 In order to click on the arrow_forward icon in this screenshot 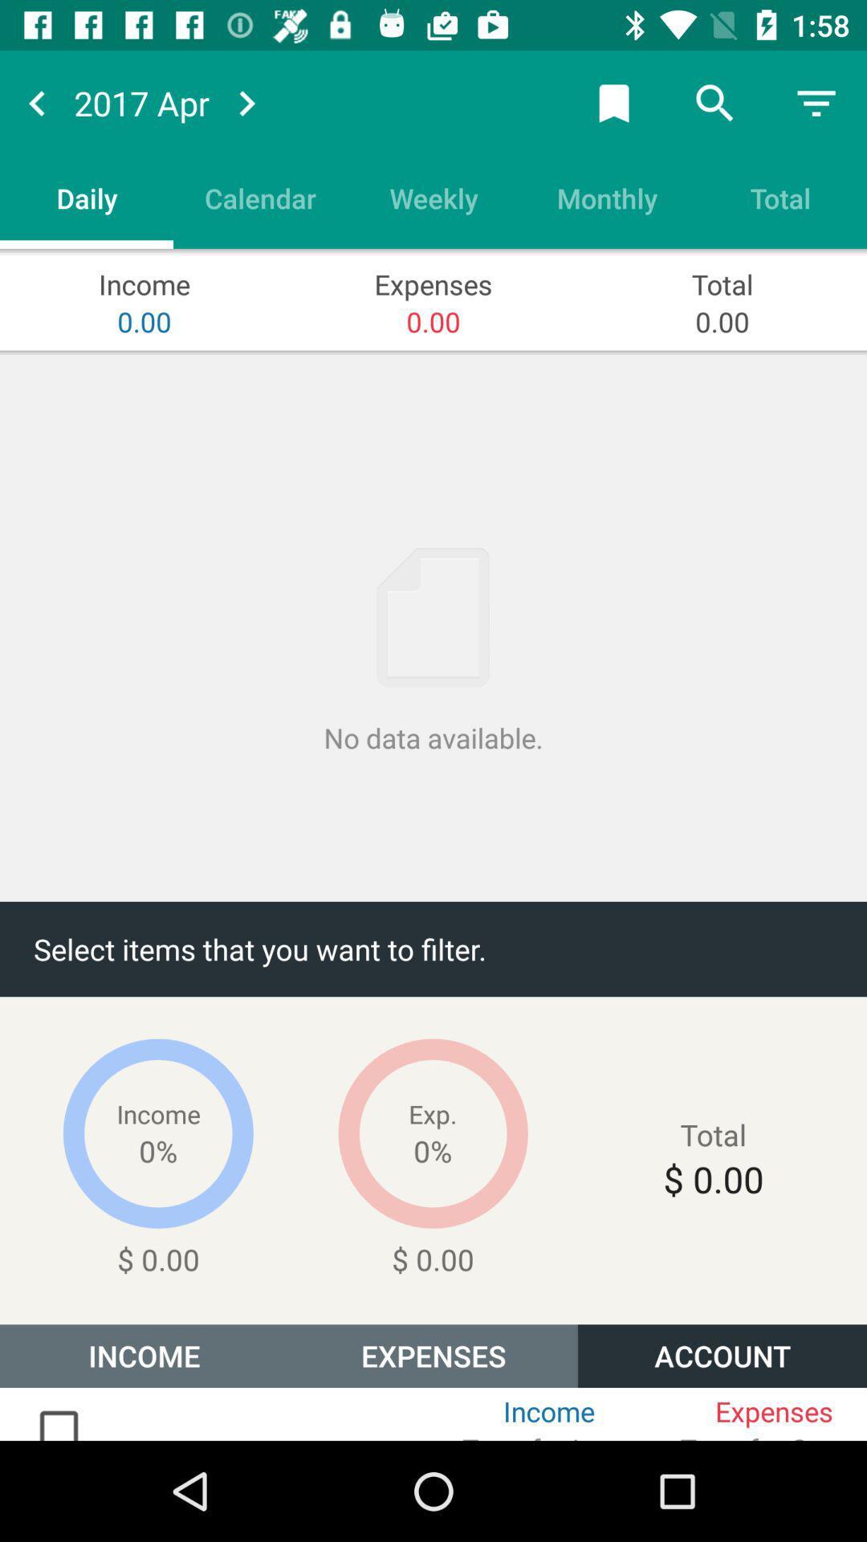, I will do `click(246, 102)`.